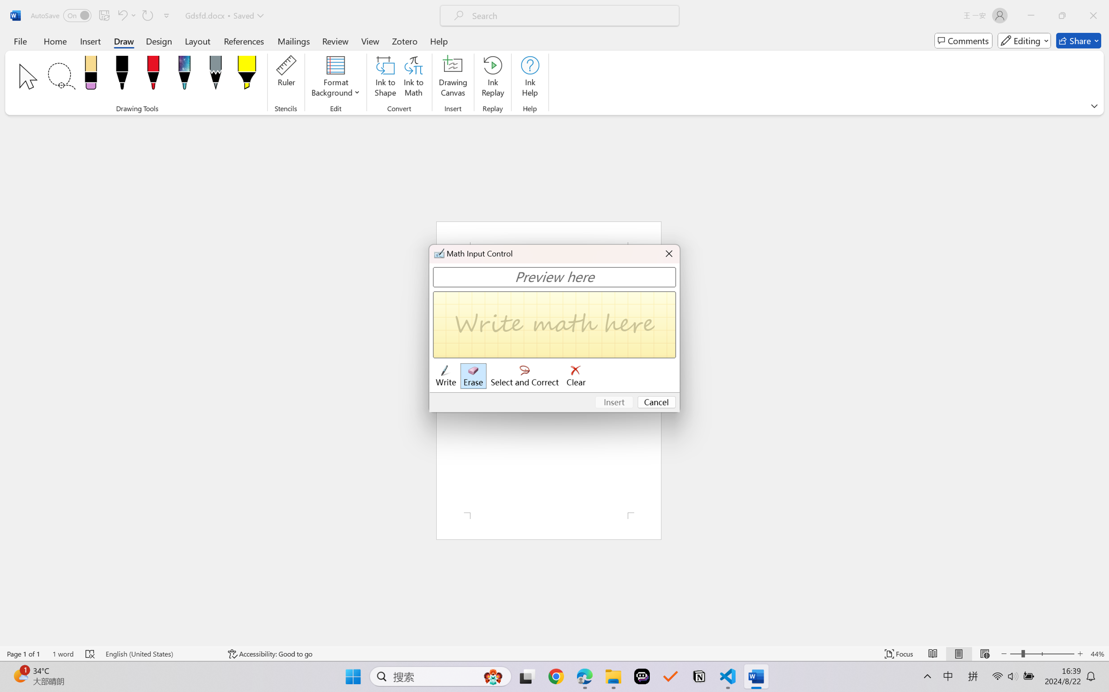 The width and height of the screenshot is (1109, 692). I want to click on 'Select and Correct', so click(525, 375).